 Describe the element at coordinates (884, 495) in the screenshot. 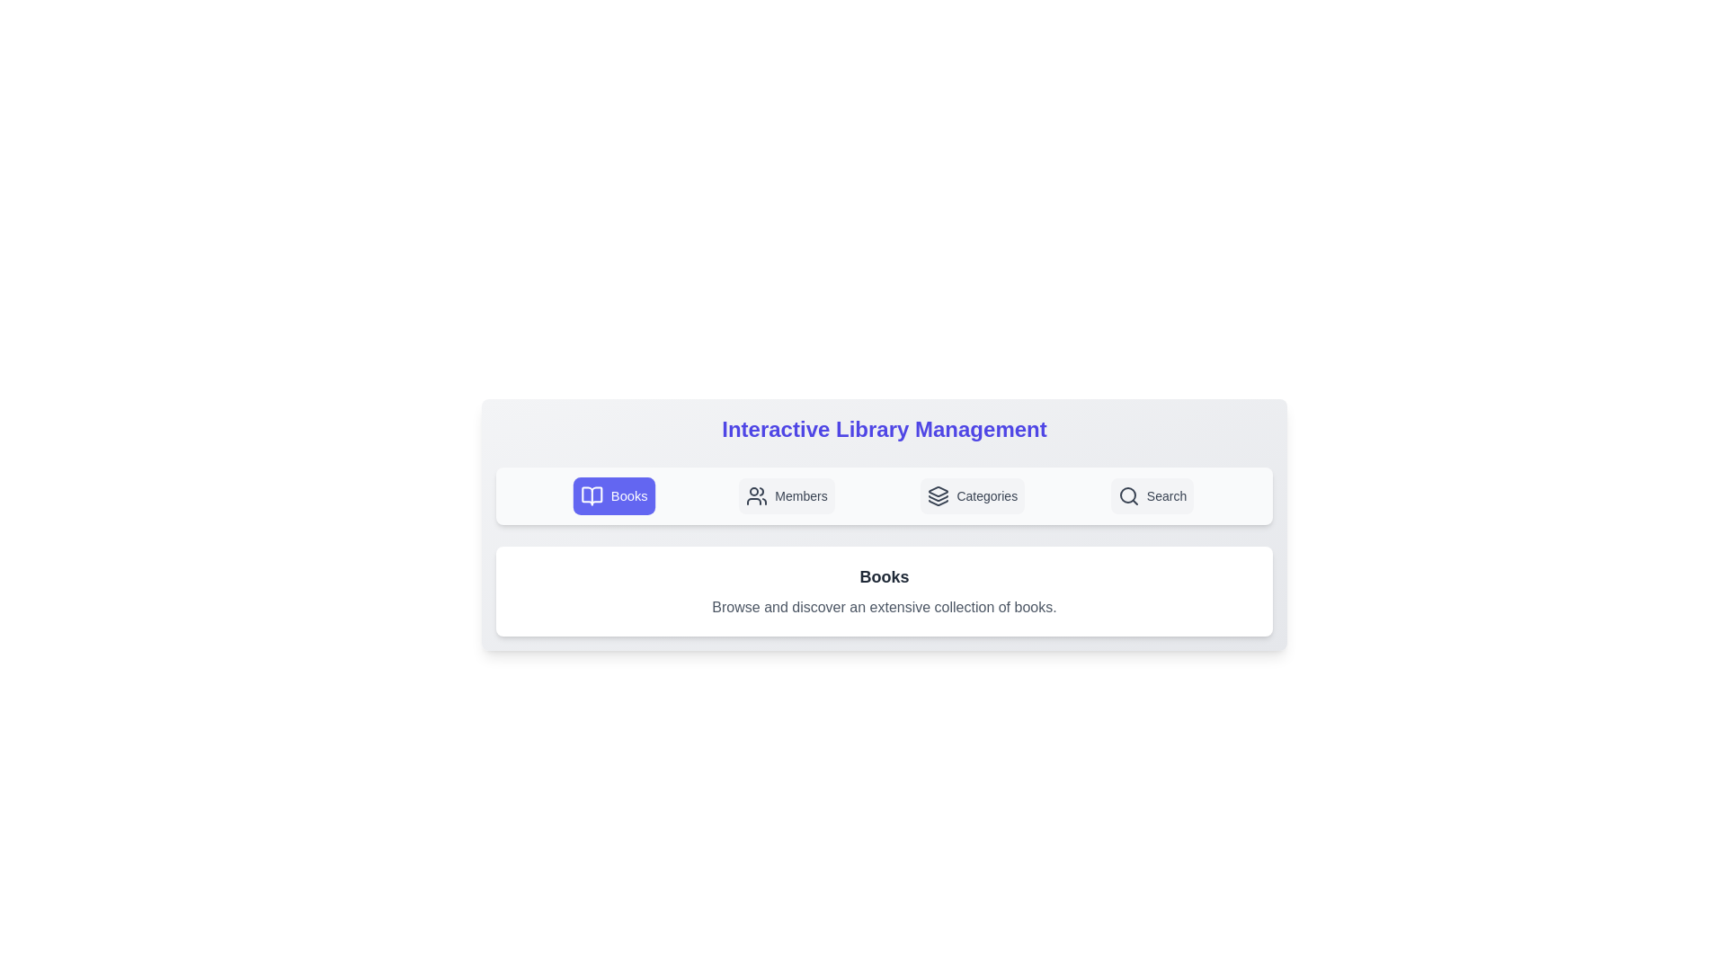

I see `the 'Books' tab in the navigation bar` at that location.